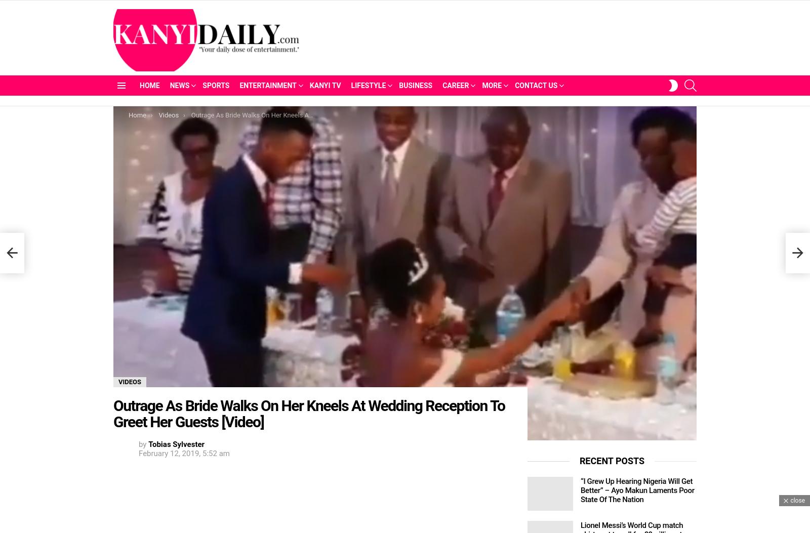 The width and height of the screenshot is (810, 533). Describe the element at coordinates (491, 161) in the screenshot. I see `'Man On A Mission Monday'` at that location.